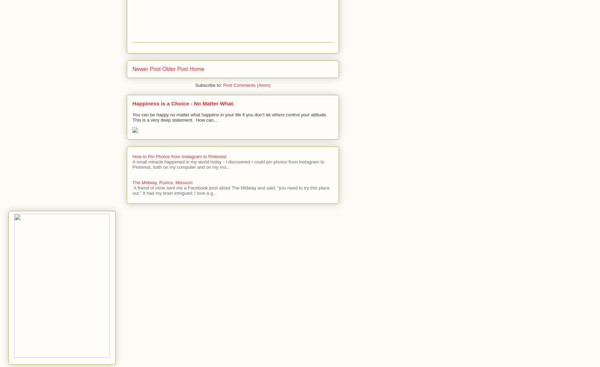 This screenshot has height=367, width=600. I want to click on 'You can be happy no matter what happens in your life if you don’t let others control your attitude.  This is a very deep statement.  How can...', so click(132, 117).